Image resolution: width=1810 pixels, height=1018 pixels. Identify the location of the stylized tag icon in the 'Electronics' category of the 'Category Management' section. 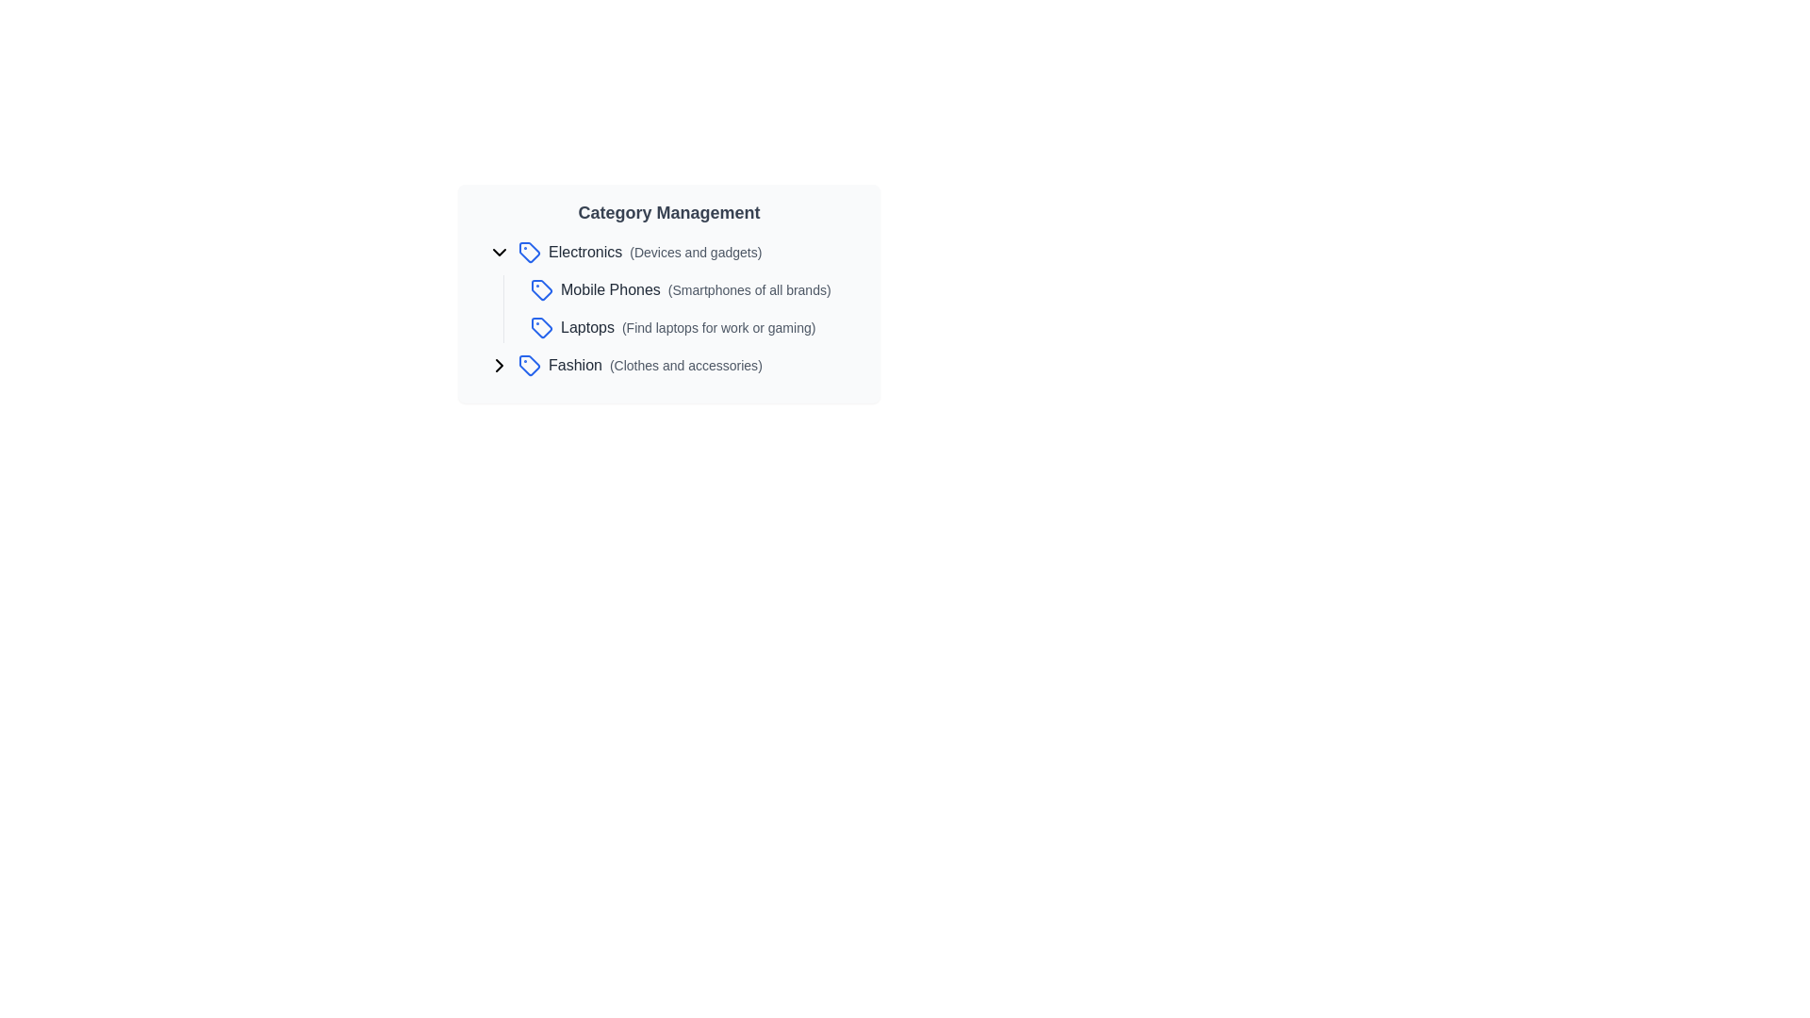
(528, 251).